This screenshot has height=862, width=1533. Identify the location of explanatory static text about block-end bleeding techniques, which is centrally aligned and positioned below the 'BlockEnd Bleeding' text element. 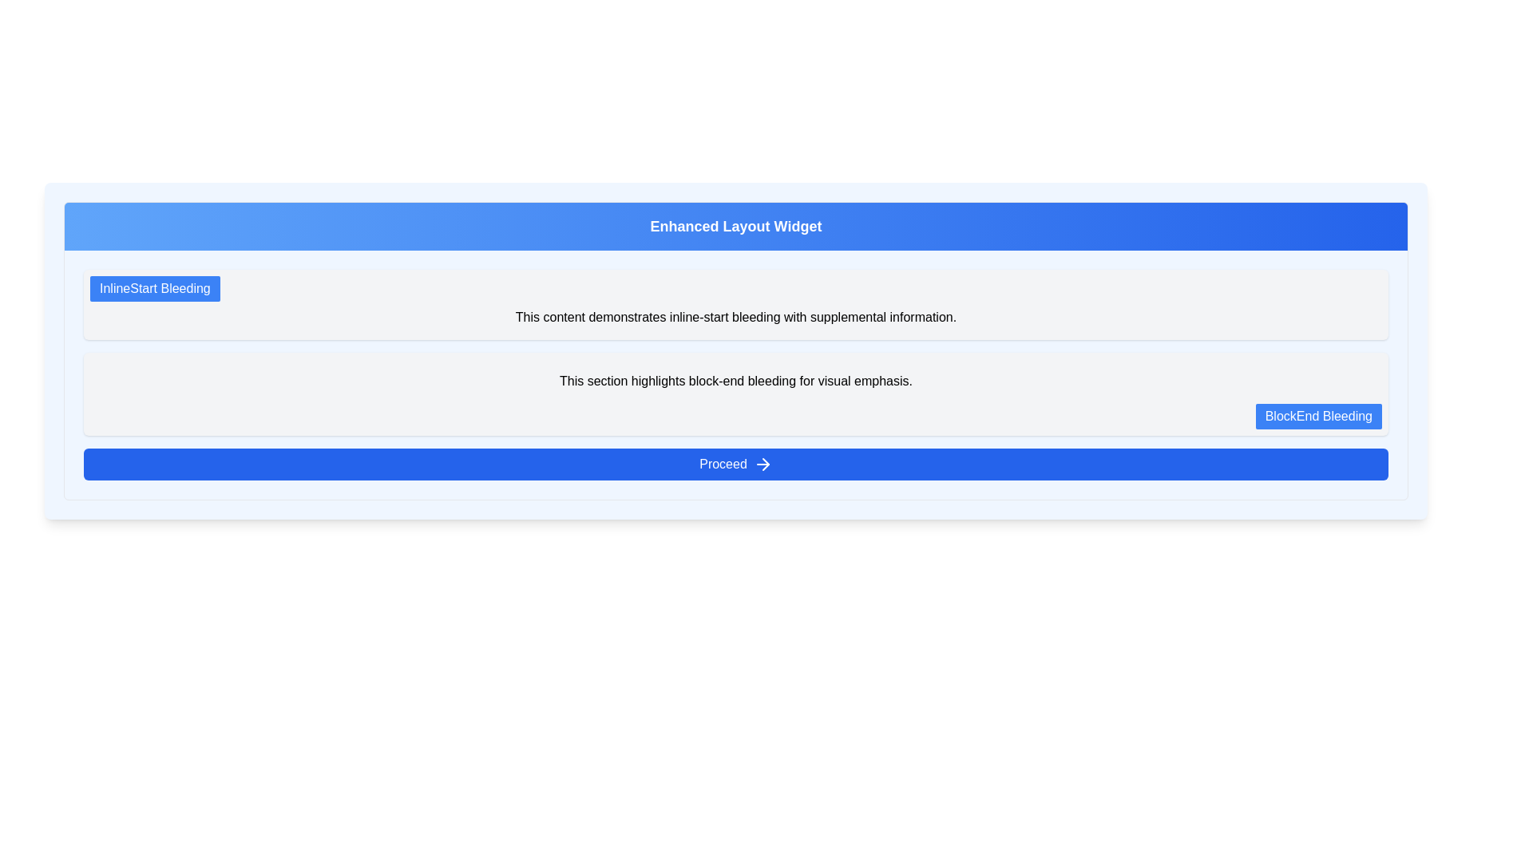
(735, 382).